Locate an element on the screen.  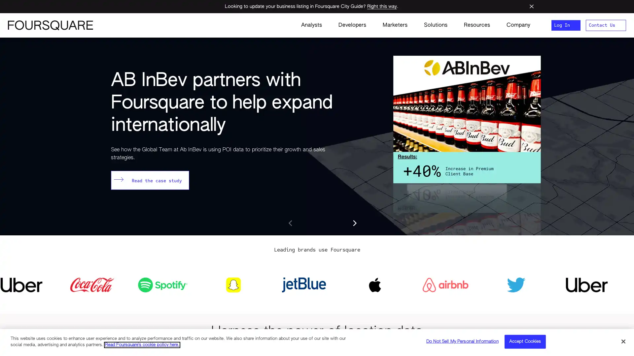
Marketers is located at coordinates (395, 25).